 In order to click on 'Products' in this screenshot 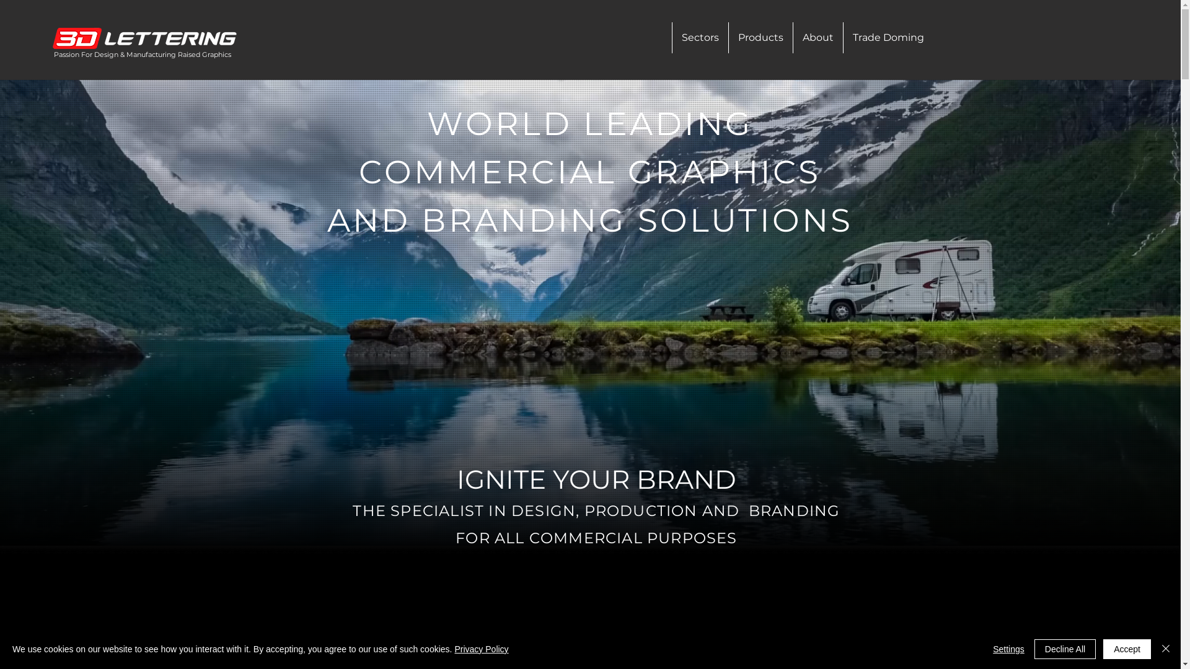, I will do `click(760, 37)`.